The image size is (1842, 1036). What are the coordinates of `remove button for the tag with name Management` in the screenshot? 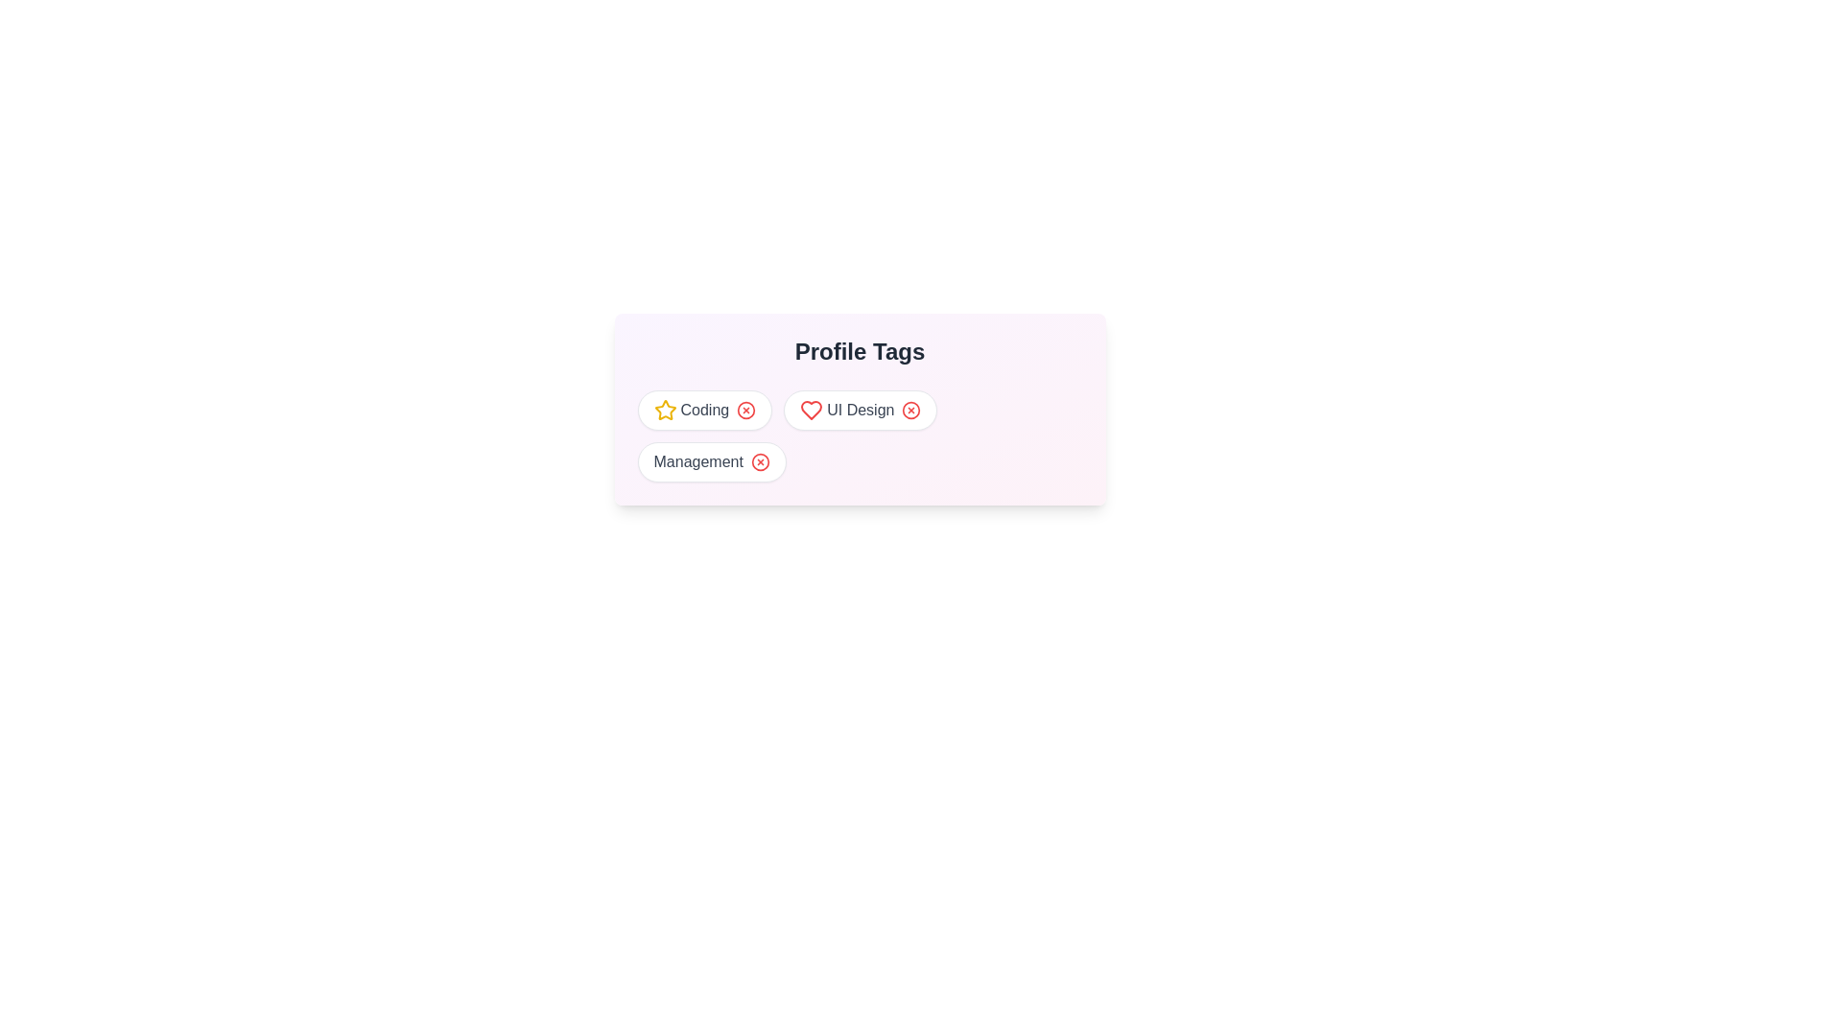 It's located at (759, 462).